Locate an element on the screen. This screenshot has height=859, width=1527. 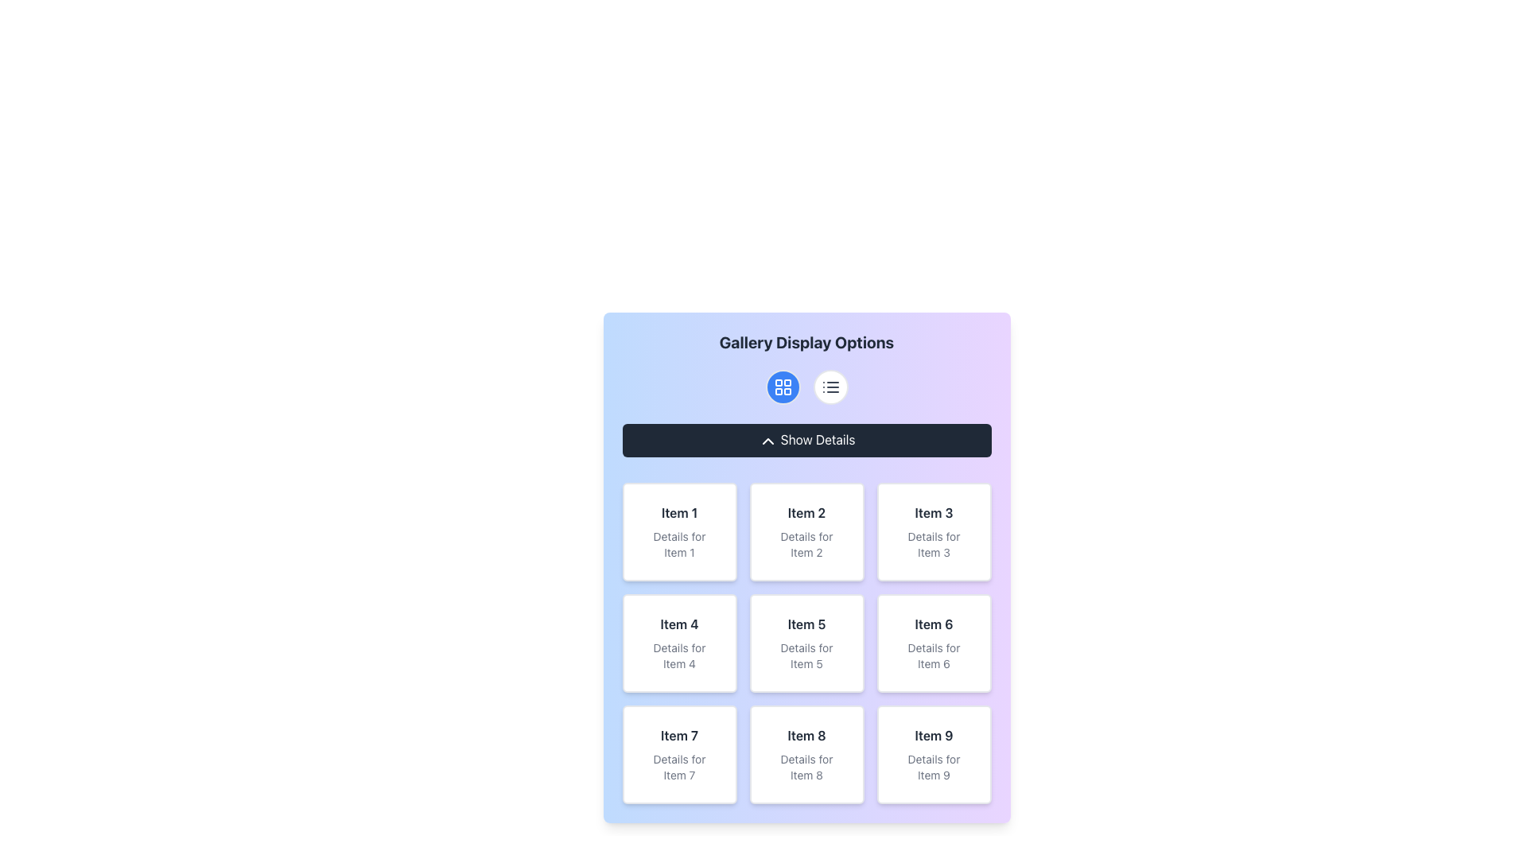
the title text label of the sixth card in a 3x3 grid layout, which is positioned above the text 'Details for Item 6' is located at coordinates (934, 623).